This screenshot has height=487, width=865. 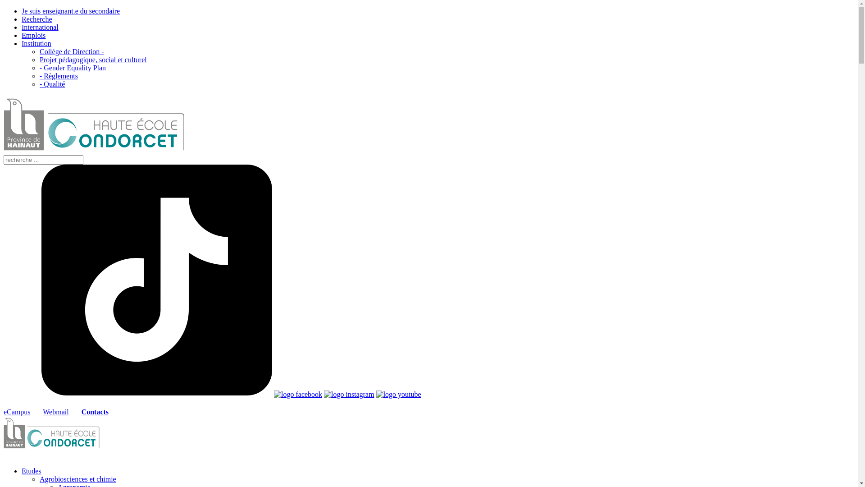 I want to click on 'Agrobiosciences et chimie', so click(x=77, y=478).